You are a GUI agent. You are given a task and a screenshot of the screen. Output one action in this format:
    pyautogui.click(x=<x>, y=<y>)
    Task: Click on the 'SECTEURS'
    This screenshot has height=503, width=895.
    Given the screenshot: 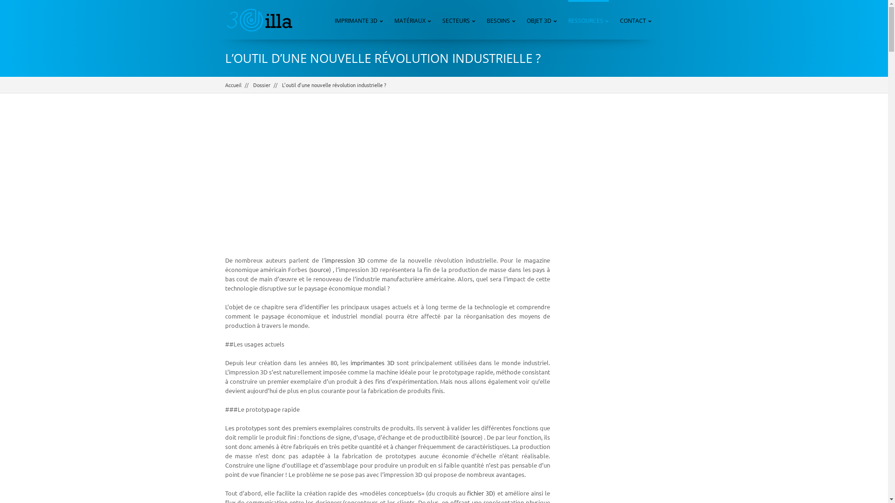 What is the action you would take?
    pyautogui.click(x=459, y=20)
    